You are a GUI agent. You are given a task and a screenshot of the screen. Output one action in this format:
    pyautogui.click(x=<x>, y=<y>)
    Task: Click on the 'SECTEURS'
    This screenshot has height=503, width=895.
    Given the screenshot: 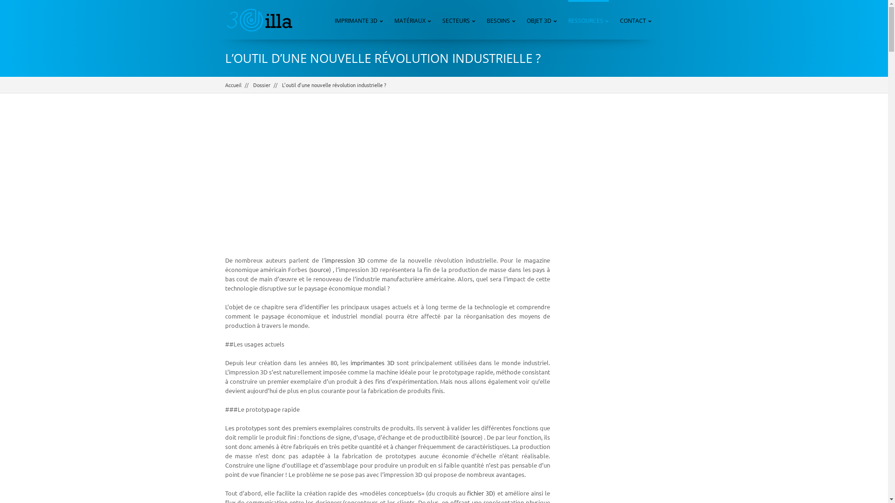 What is the action you would take?
    pyautogui.click(x=459, y=20)
    